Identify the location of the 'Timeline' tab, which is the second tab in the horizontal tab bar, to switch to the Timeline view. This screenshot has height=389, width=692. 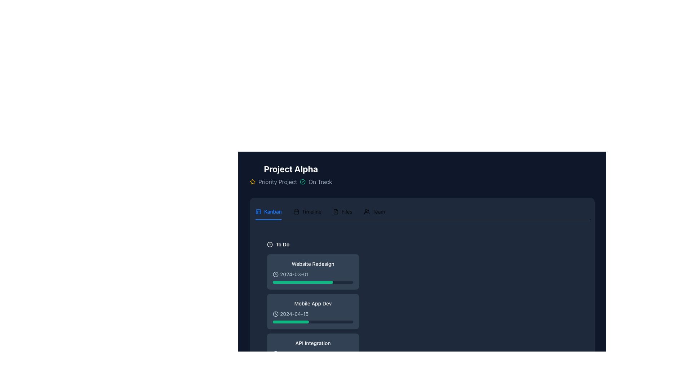
(307, 211).